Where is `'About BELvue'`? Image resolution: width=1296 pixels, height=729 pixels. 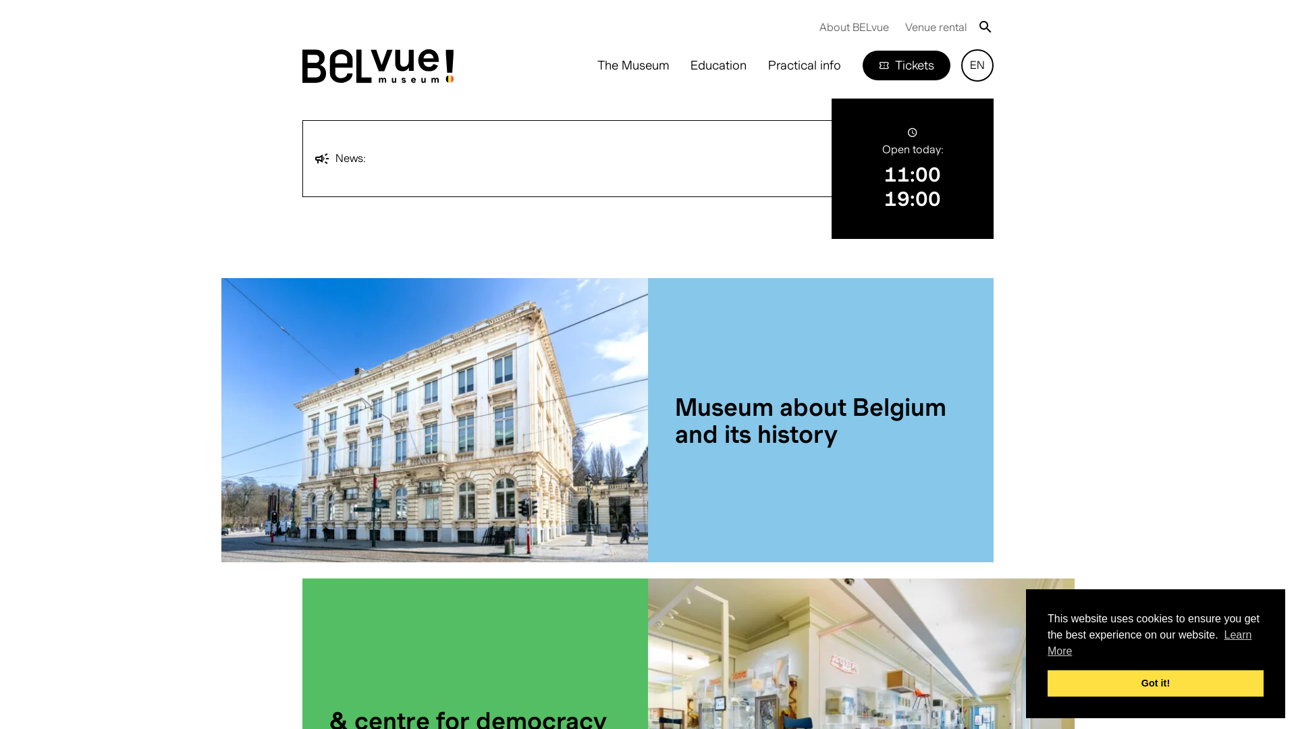
'About BELvue' is located at coordinates (853, 26).